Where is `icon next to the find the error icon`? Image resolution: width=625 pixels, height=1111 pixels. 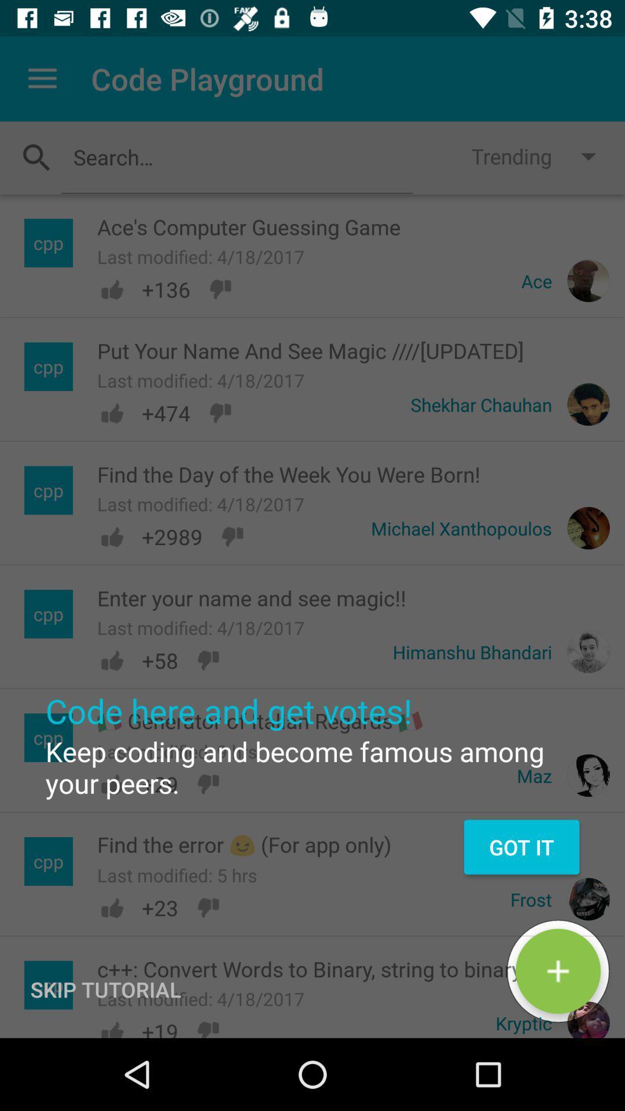 icon next to the find the error icon is located at coordinates (521, 847).